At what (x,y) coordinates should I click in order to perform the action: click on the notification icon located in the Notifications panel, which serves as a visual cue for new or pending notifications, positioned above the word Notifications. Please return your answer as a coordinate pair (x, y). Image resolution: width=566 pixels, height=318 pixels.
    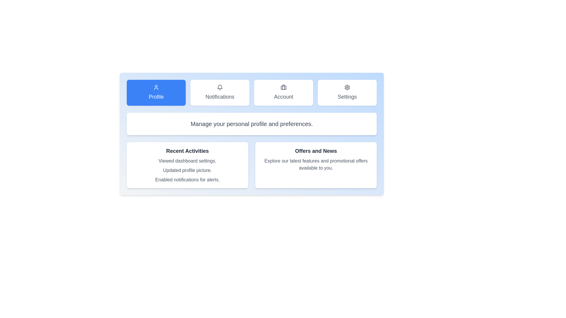
    Looking at the image, I should click on (219, 87).